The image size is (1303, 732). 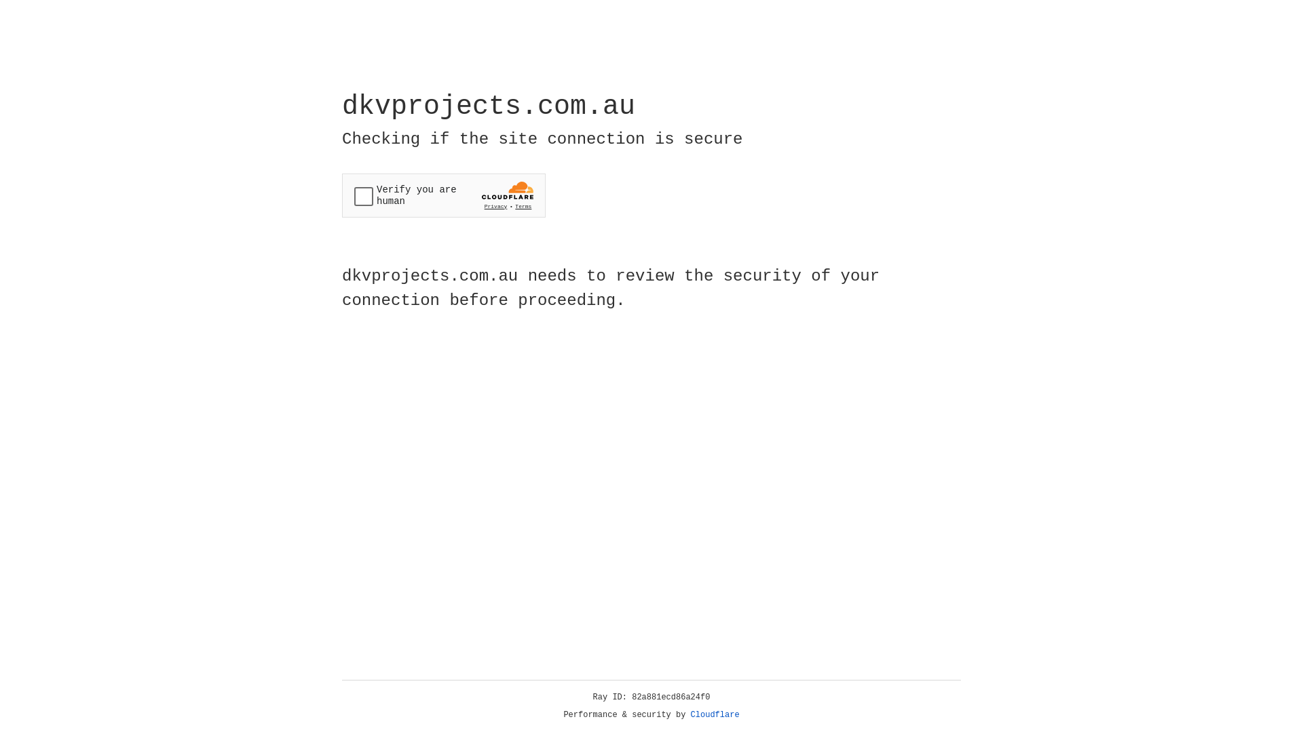 What do you see at coordinates (443, 195) in the screenshot?
I see `'Widget containing a Cloudflare security challenge'` at bounding box center [443, 195].